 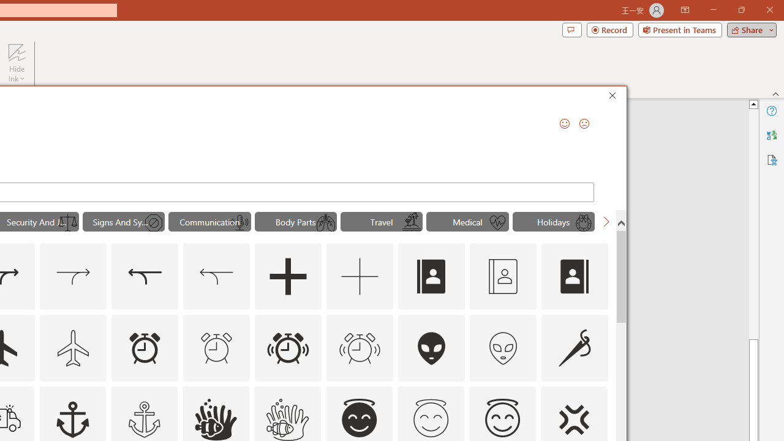 What do you see at coordinates (216, 348) in the screenshot?
I see `'AutomationID: Icons_AlarmClock_M'` at bounding box center [216, 348].